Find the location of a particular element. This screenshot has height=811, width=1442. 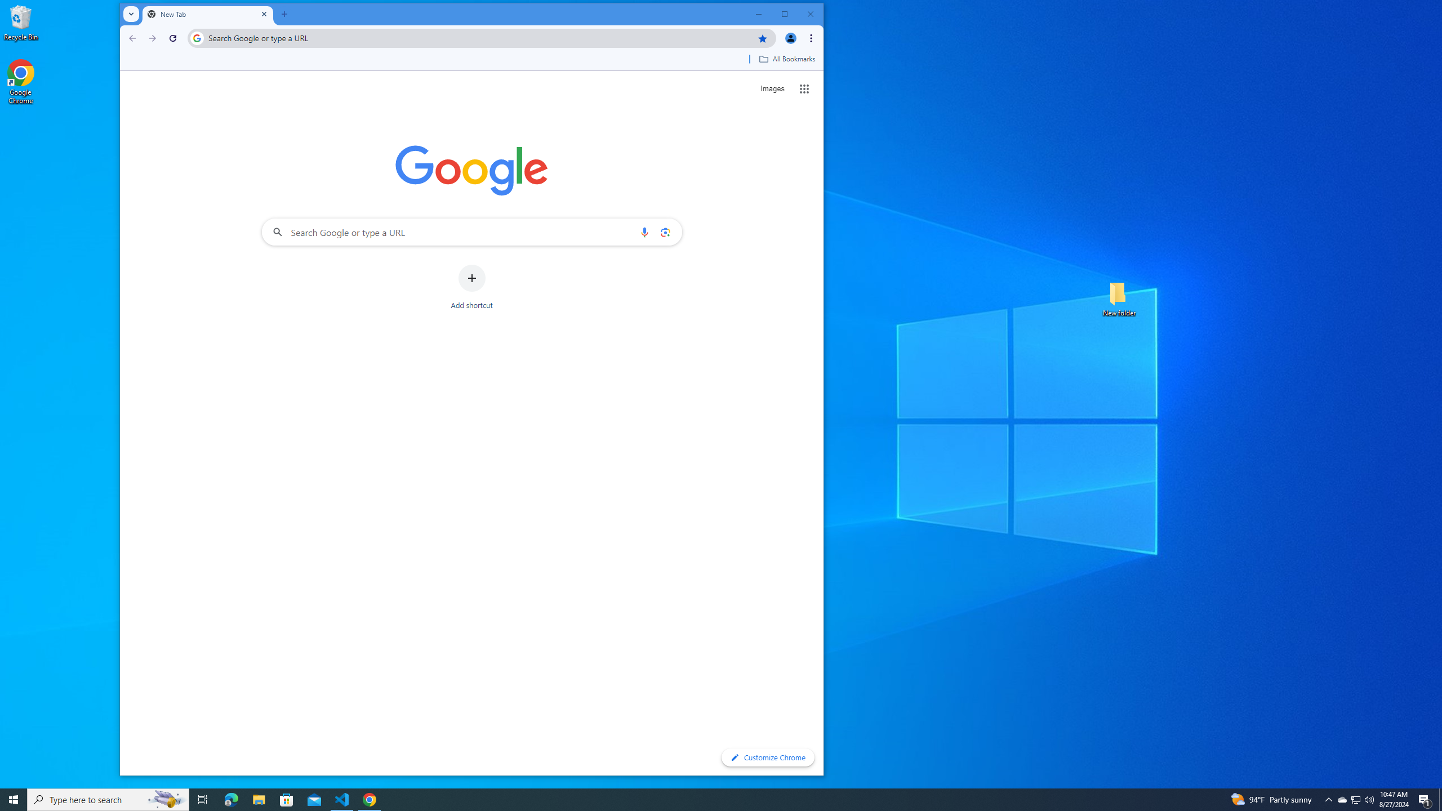

'New folder' is located at coordinates (1119, 297).